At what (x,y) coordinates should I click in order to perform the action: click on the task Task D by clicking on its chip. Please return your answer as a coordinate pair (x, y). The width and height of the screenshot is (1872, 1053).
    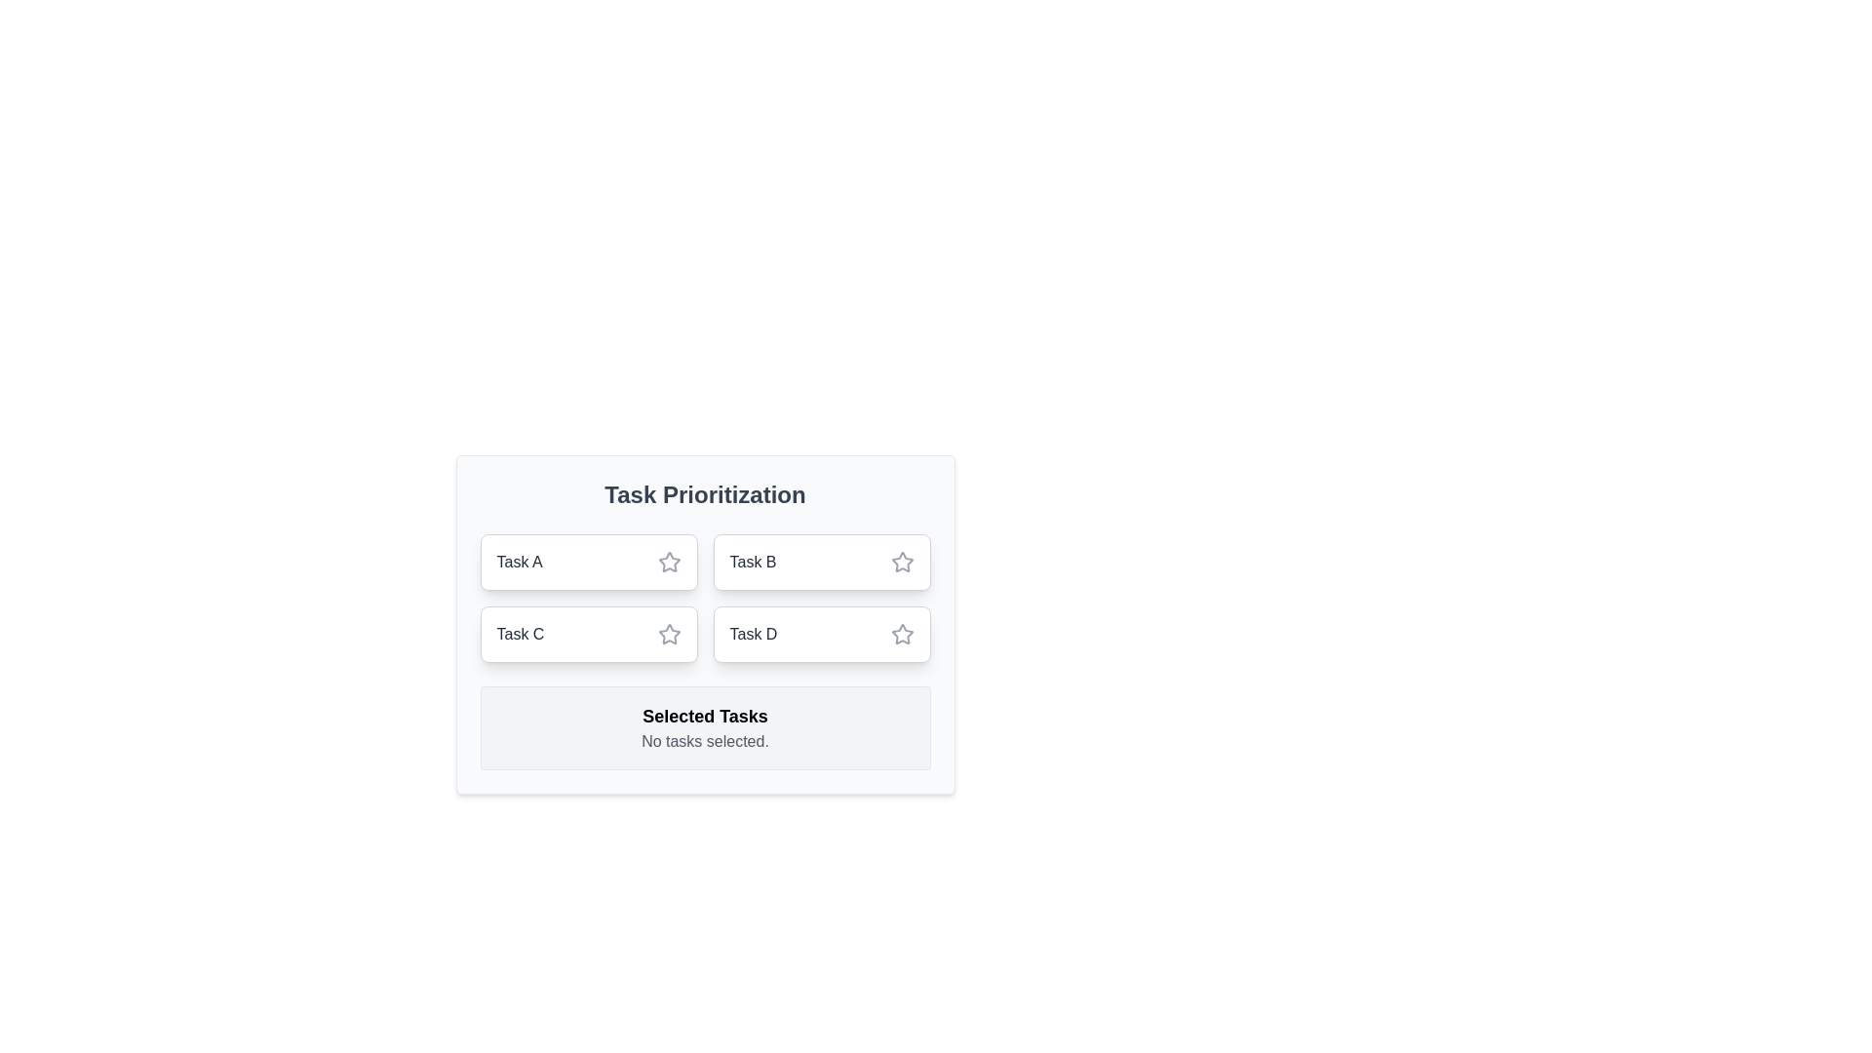
    Looking at the image, I should click on (822, 635).